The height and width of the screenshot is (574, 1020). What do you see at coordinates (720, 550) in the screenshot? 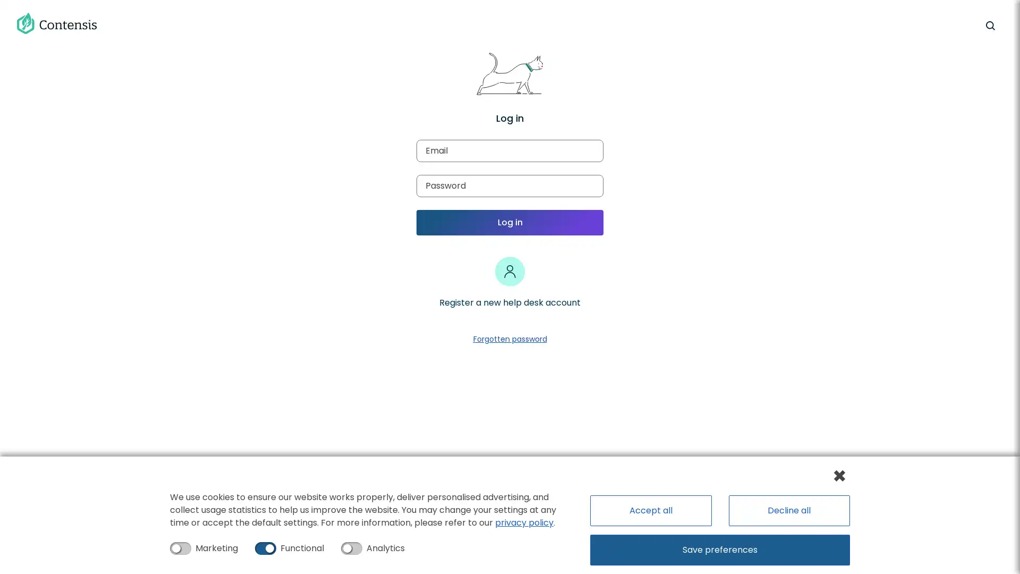
I see `Save preferences` at bounding box center [720, 550].